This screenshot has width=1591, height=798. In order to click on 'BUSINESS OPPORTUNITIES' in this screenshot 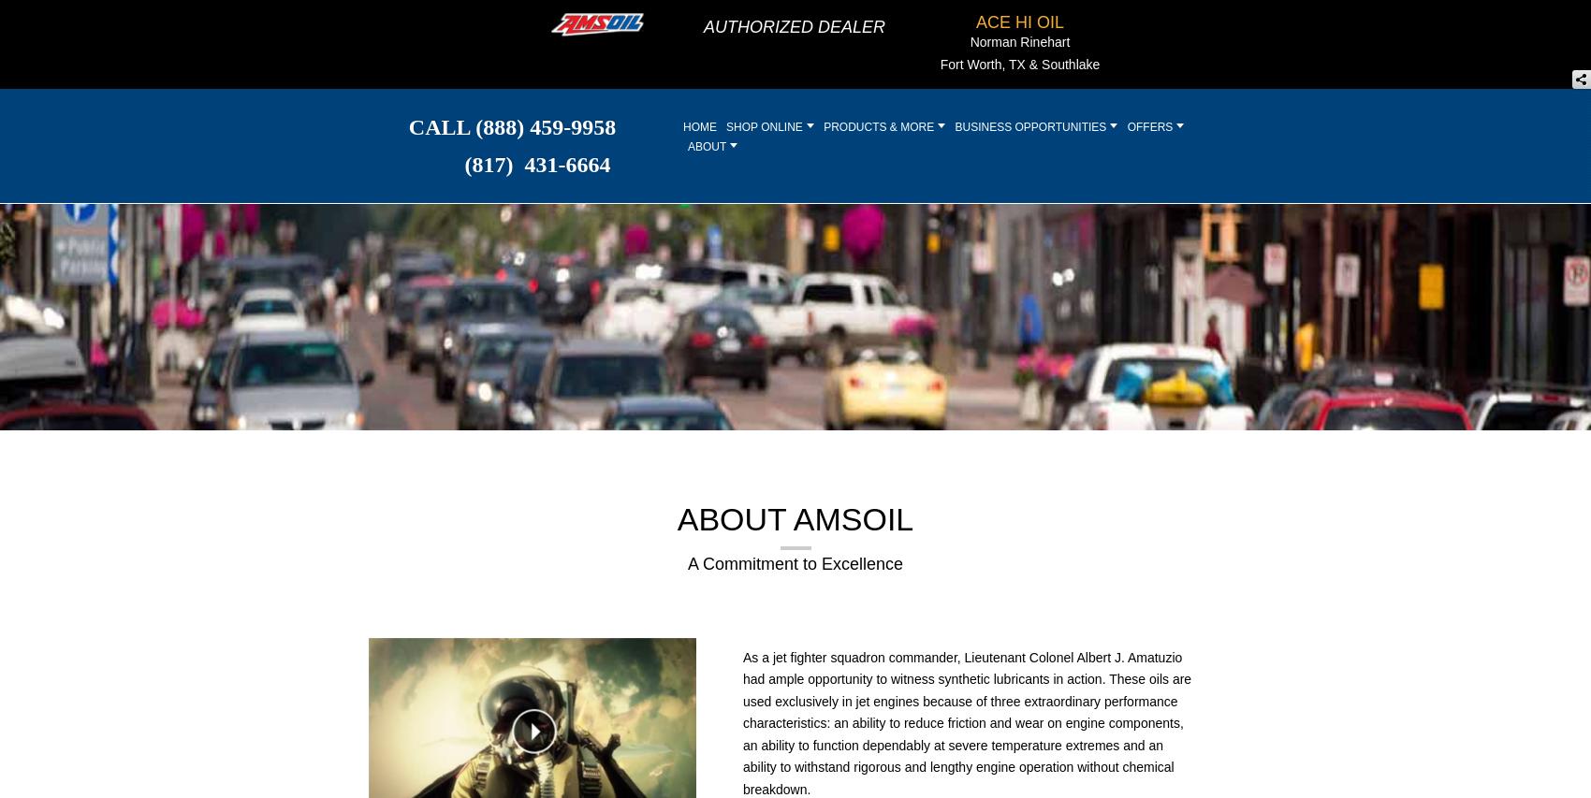, I will do `click(1031, 125)`.